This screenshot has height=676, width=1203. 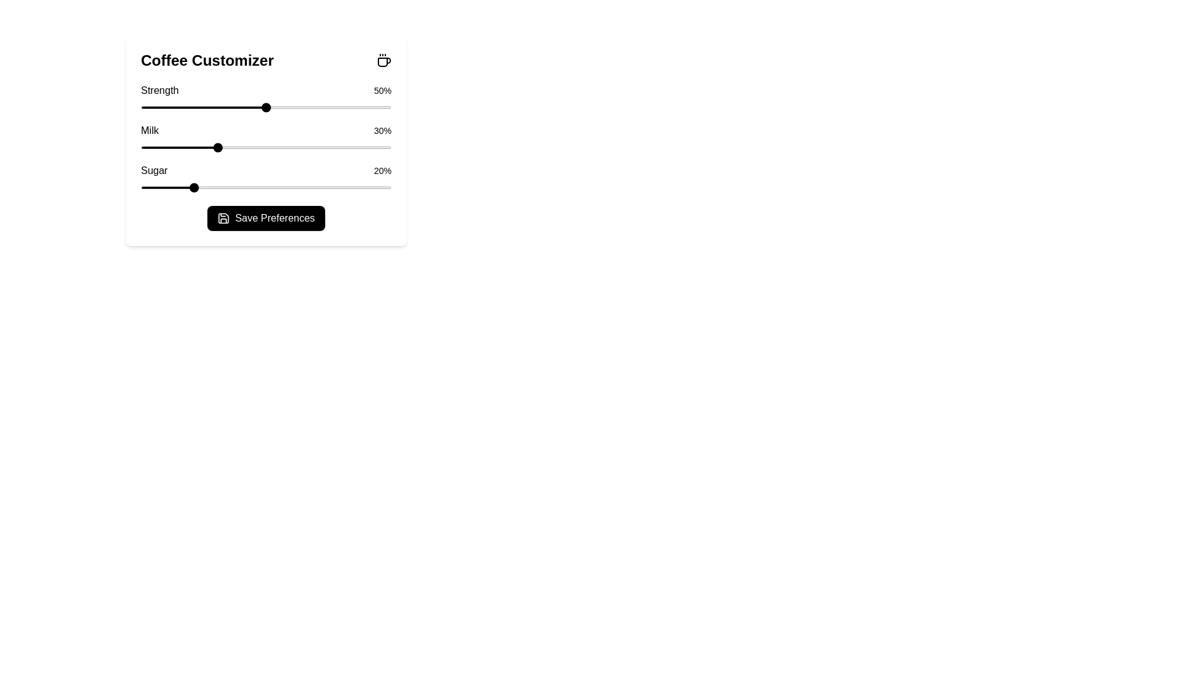 What do you see at coordinates (386, 107) in the screenshot?
I see `the strength slider` at bounding box center [386, 107].